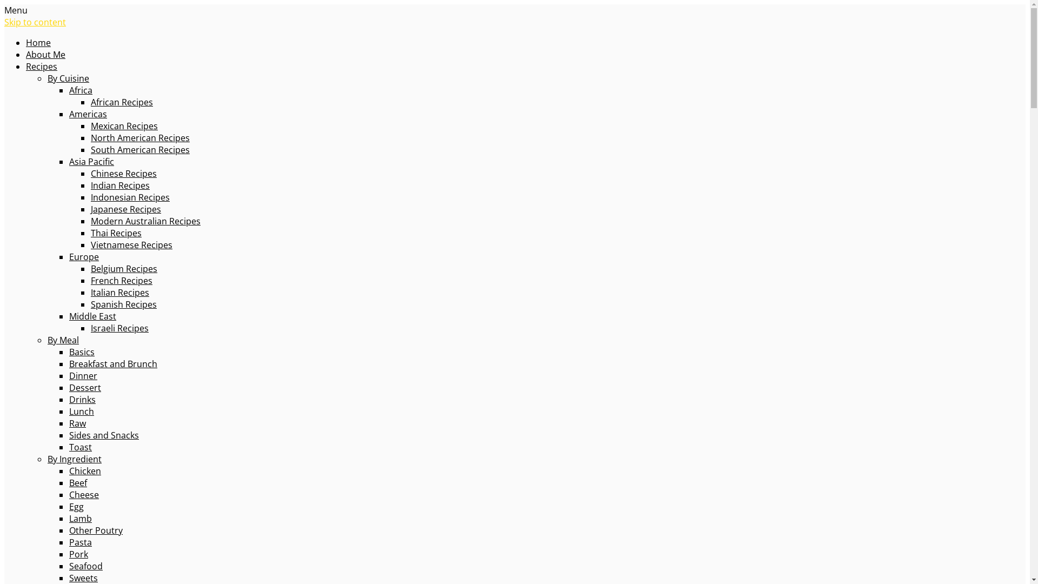 This screenshot has width=1038, height=584. What do you see at coordinates (91, 162) in the screenshot?
I see `'Asia Pacific'` at bounding box center [91, 162].